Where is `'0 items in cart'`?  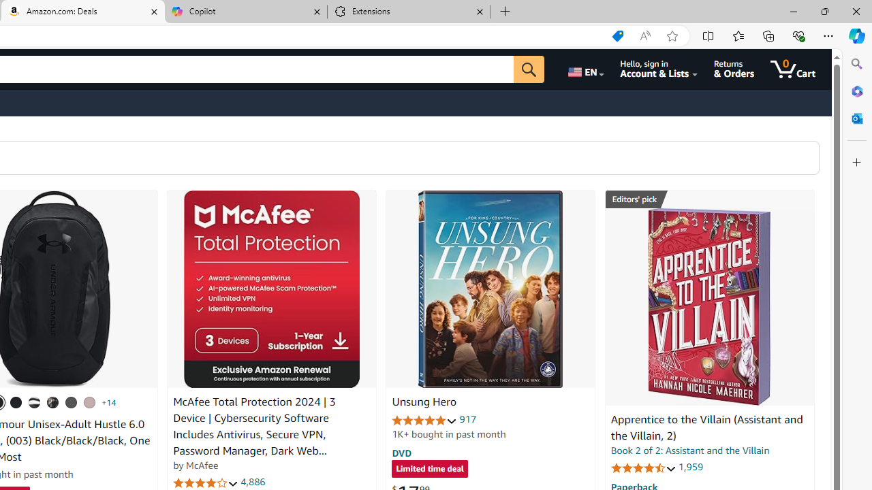 '0 items in cart' is located at coordinates (793, 69).